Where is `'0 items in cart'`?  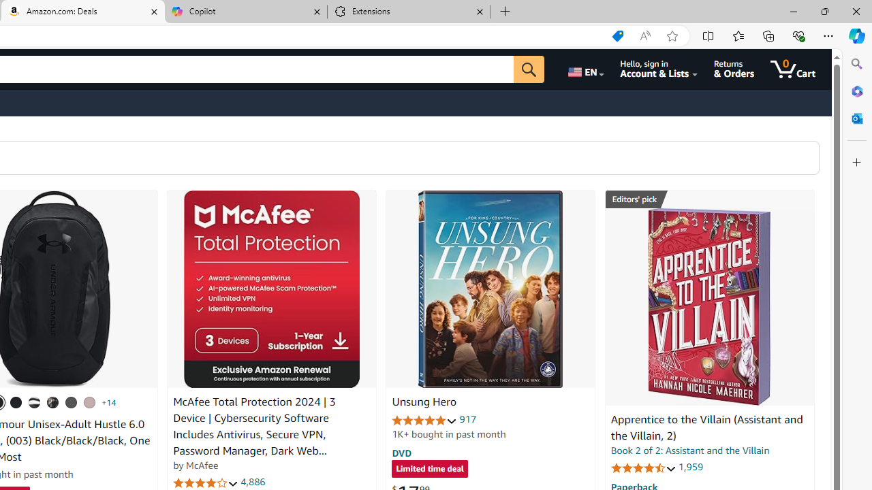 '0 items in cart' is located at coordinates (793, 69).